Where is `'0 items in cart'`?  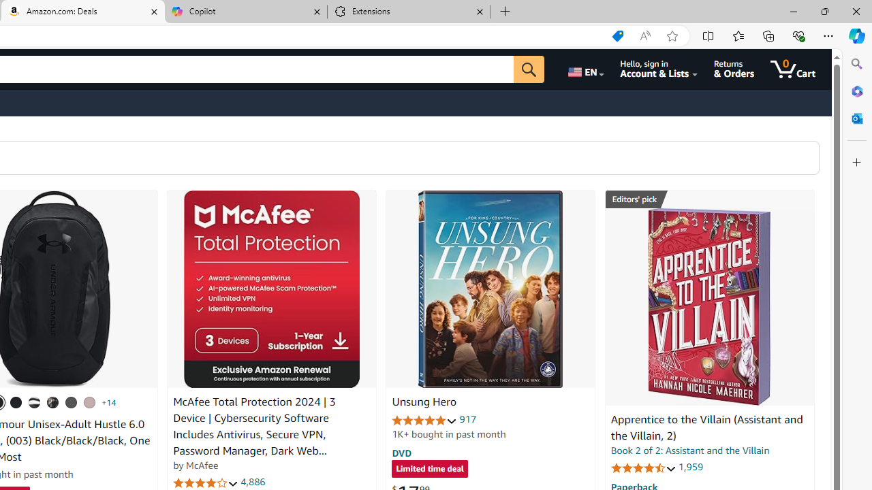 '0 items in cart' is located at coordinates (793, 69).